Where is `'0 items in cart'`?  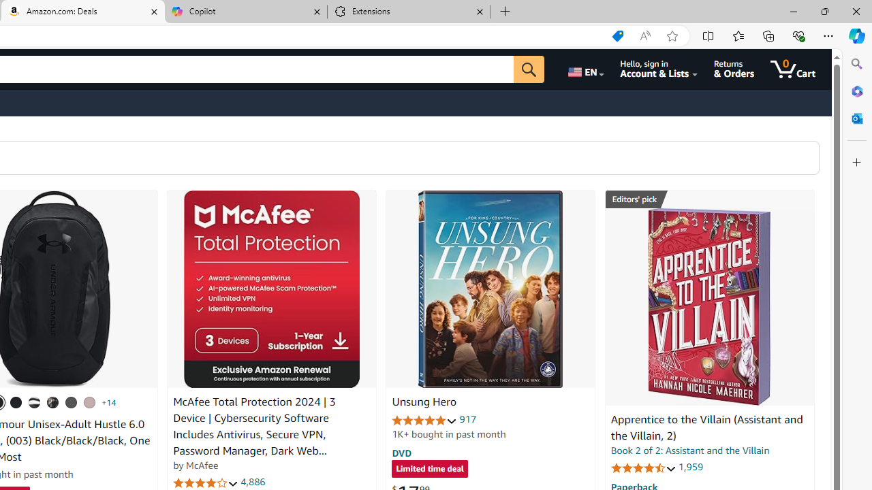 '0 items in cart' is located at coordinates (793, 69).